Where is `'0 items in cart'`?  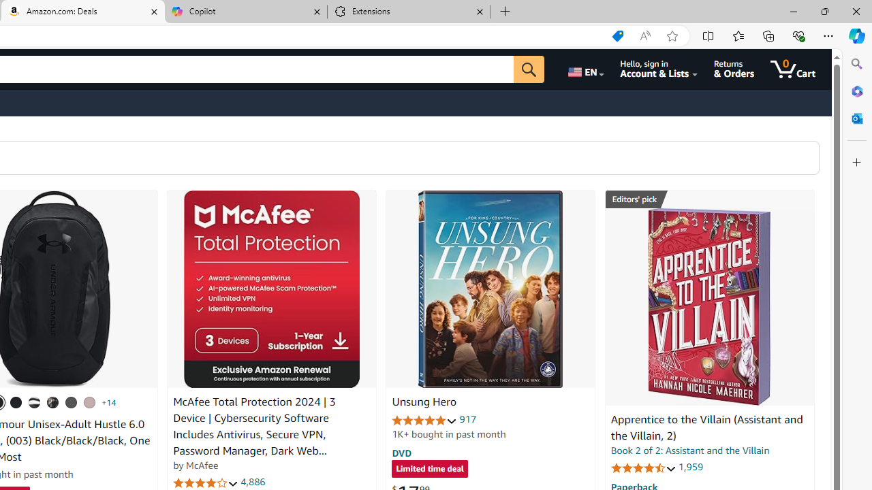 '0 items in cart' is located at coordinates (793, 69).